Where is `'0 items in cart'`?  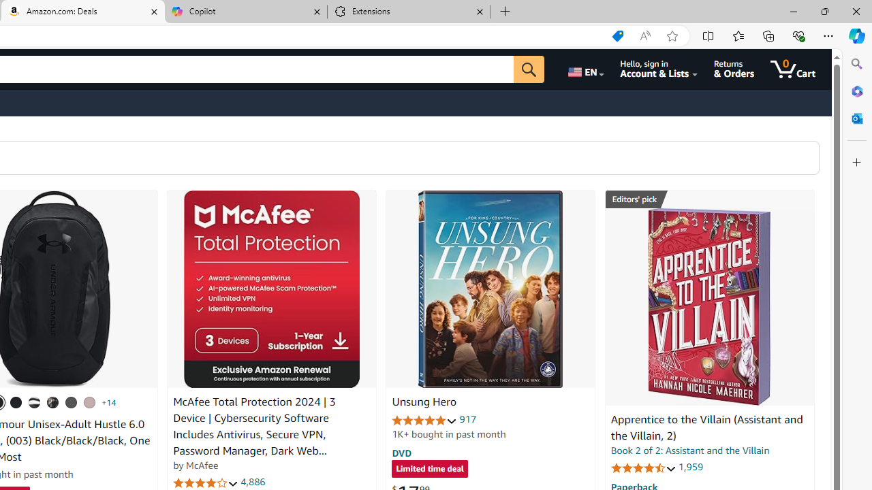 '0 items in cart' is located at coordinates (793, 69).